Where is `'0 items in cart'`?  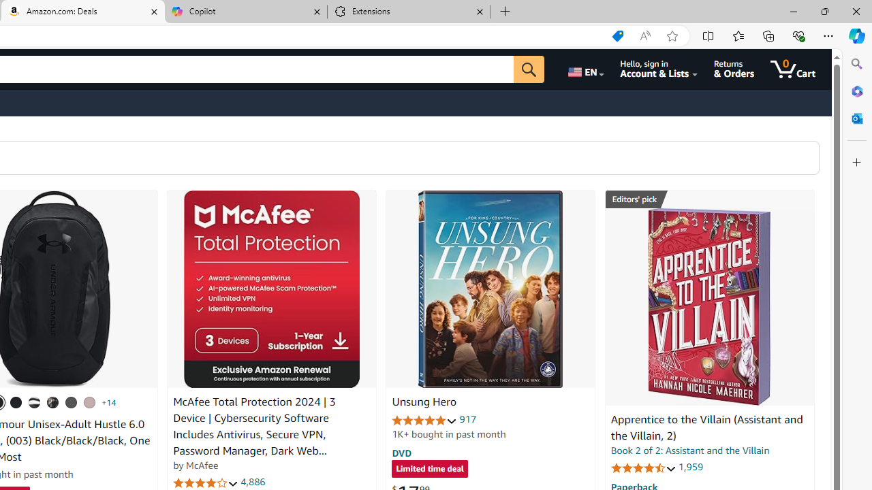 '0 items in cart' is located at coordinates (793, 69).